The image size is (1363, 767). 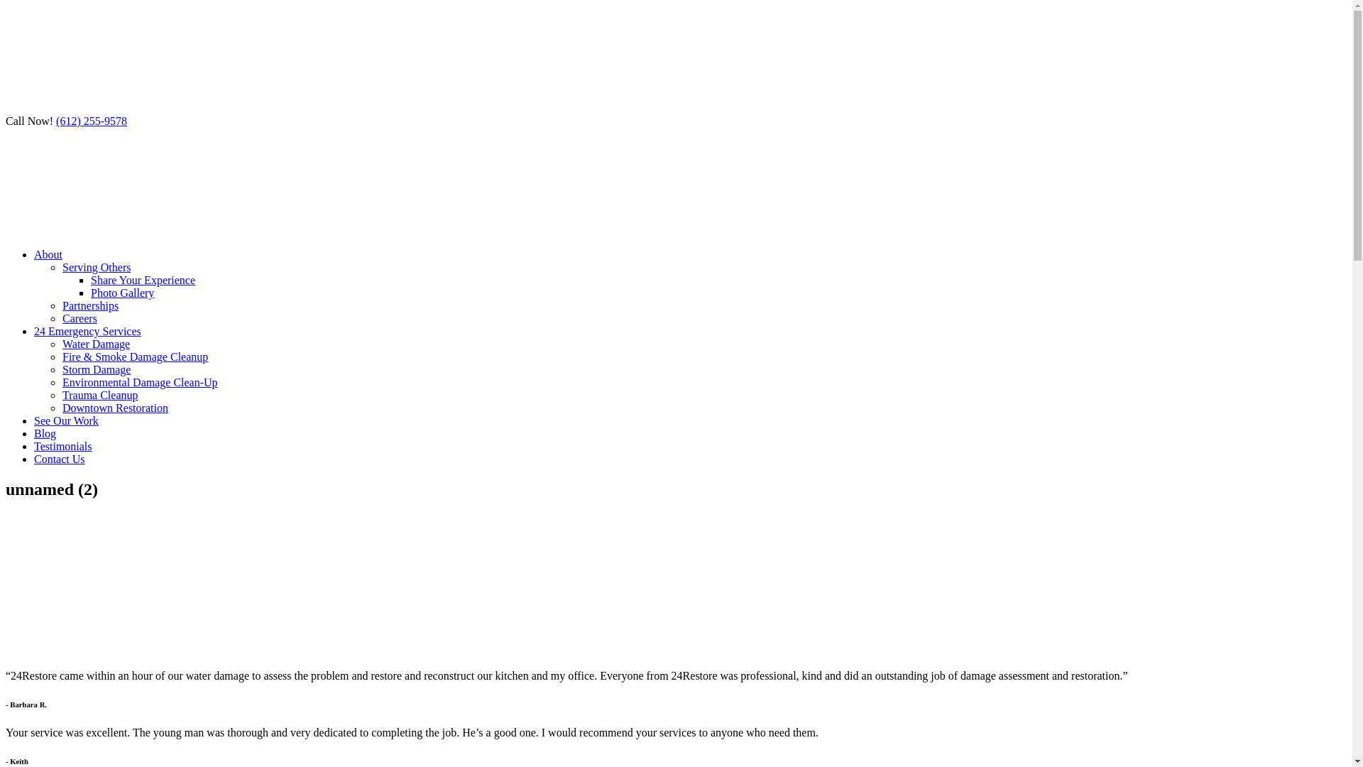 I want to click on '(612) 255-9578', so click(x=91, y=120).